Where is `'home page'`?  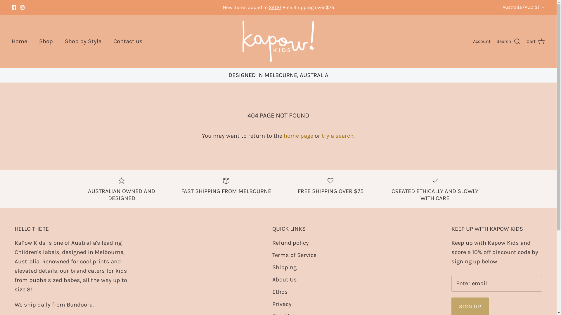 'home page' is located at coordinates (298, 136).